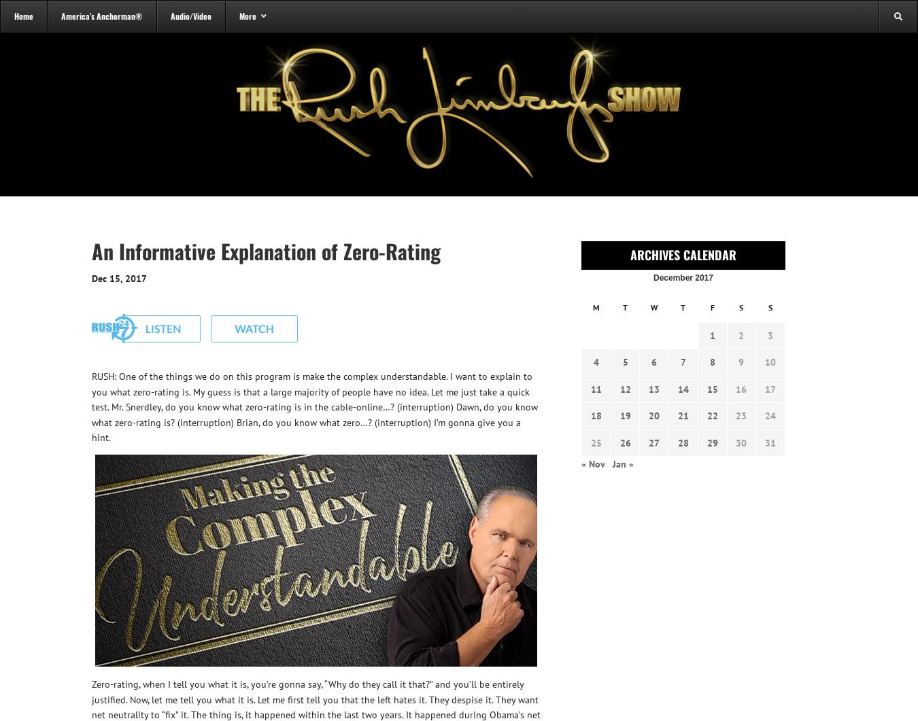 This screenshot has width=918, height=721. Describe the element at coordinates (770, 387) in the screenshot. I see `'17'` at that location.